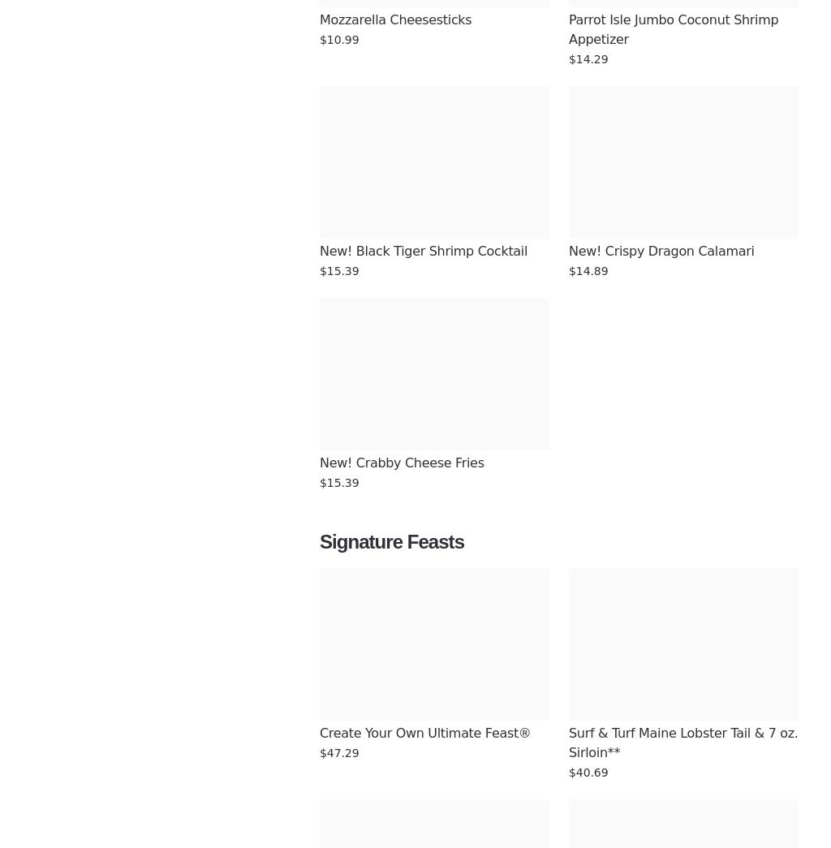 The width and height of the screenshot is (831, 848). Describe the element at coordinates (684, 743) in the screenshot. I see `'Surf & Turf Maine Lobster Tail & 7 oz. Sirloin**'` at that location.